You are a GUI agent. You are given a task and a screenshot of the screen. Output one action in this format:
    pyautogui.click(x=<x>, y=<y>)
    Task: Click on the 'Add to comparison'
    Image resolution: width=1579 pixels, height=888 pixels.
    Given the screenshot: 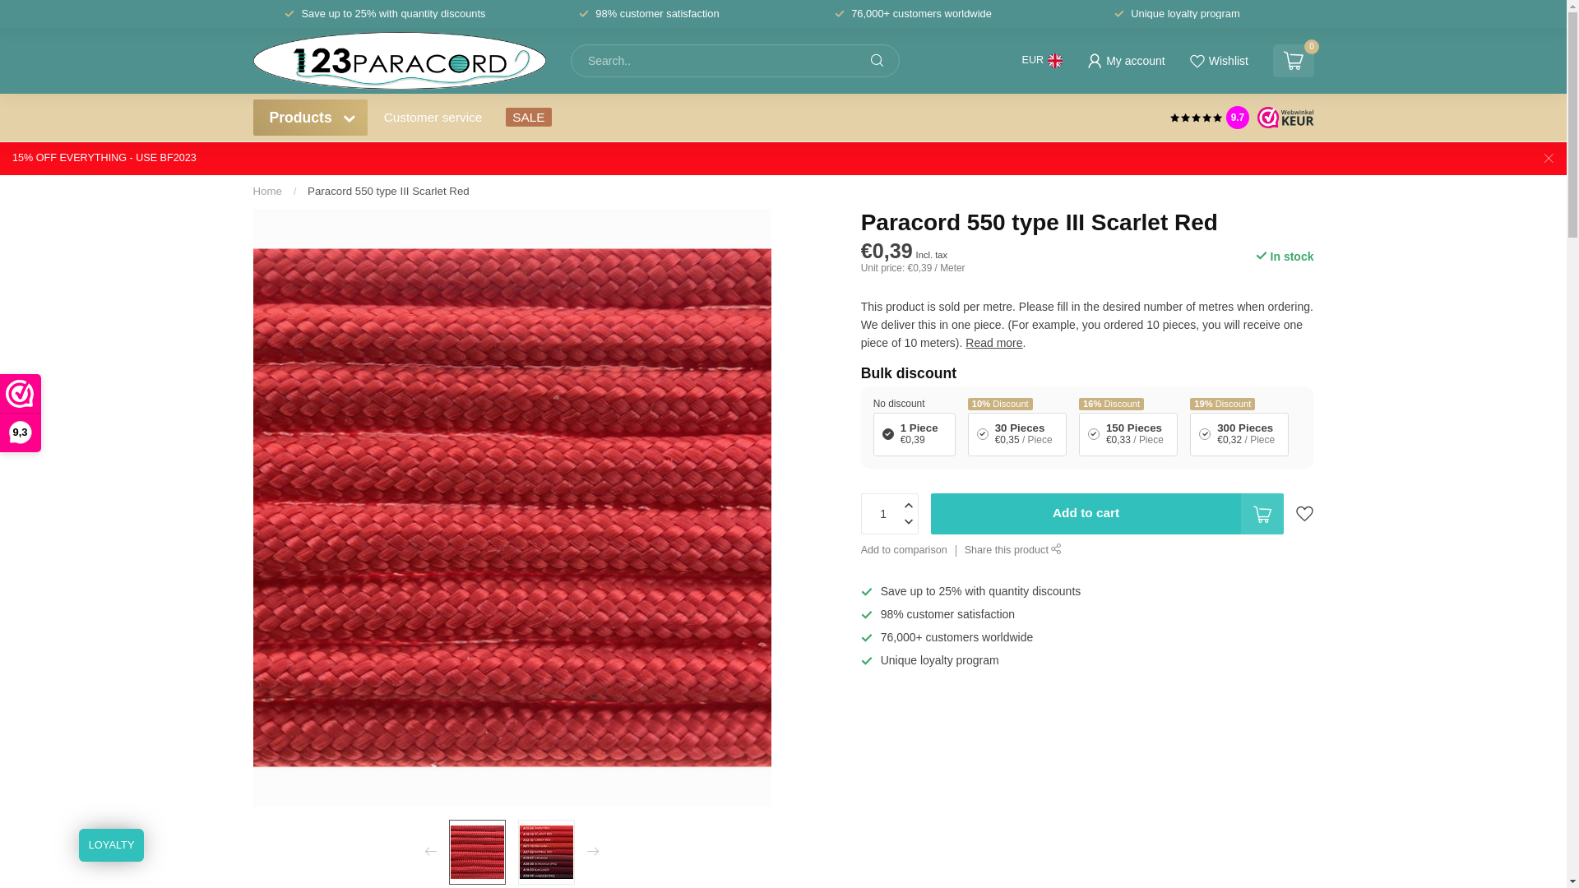 What is the action you would take?
    pyautogui.click(x=903, y=551)
    